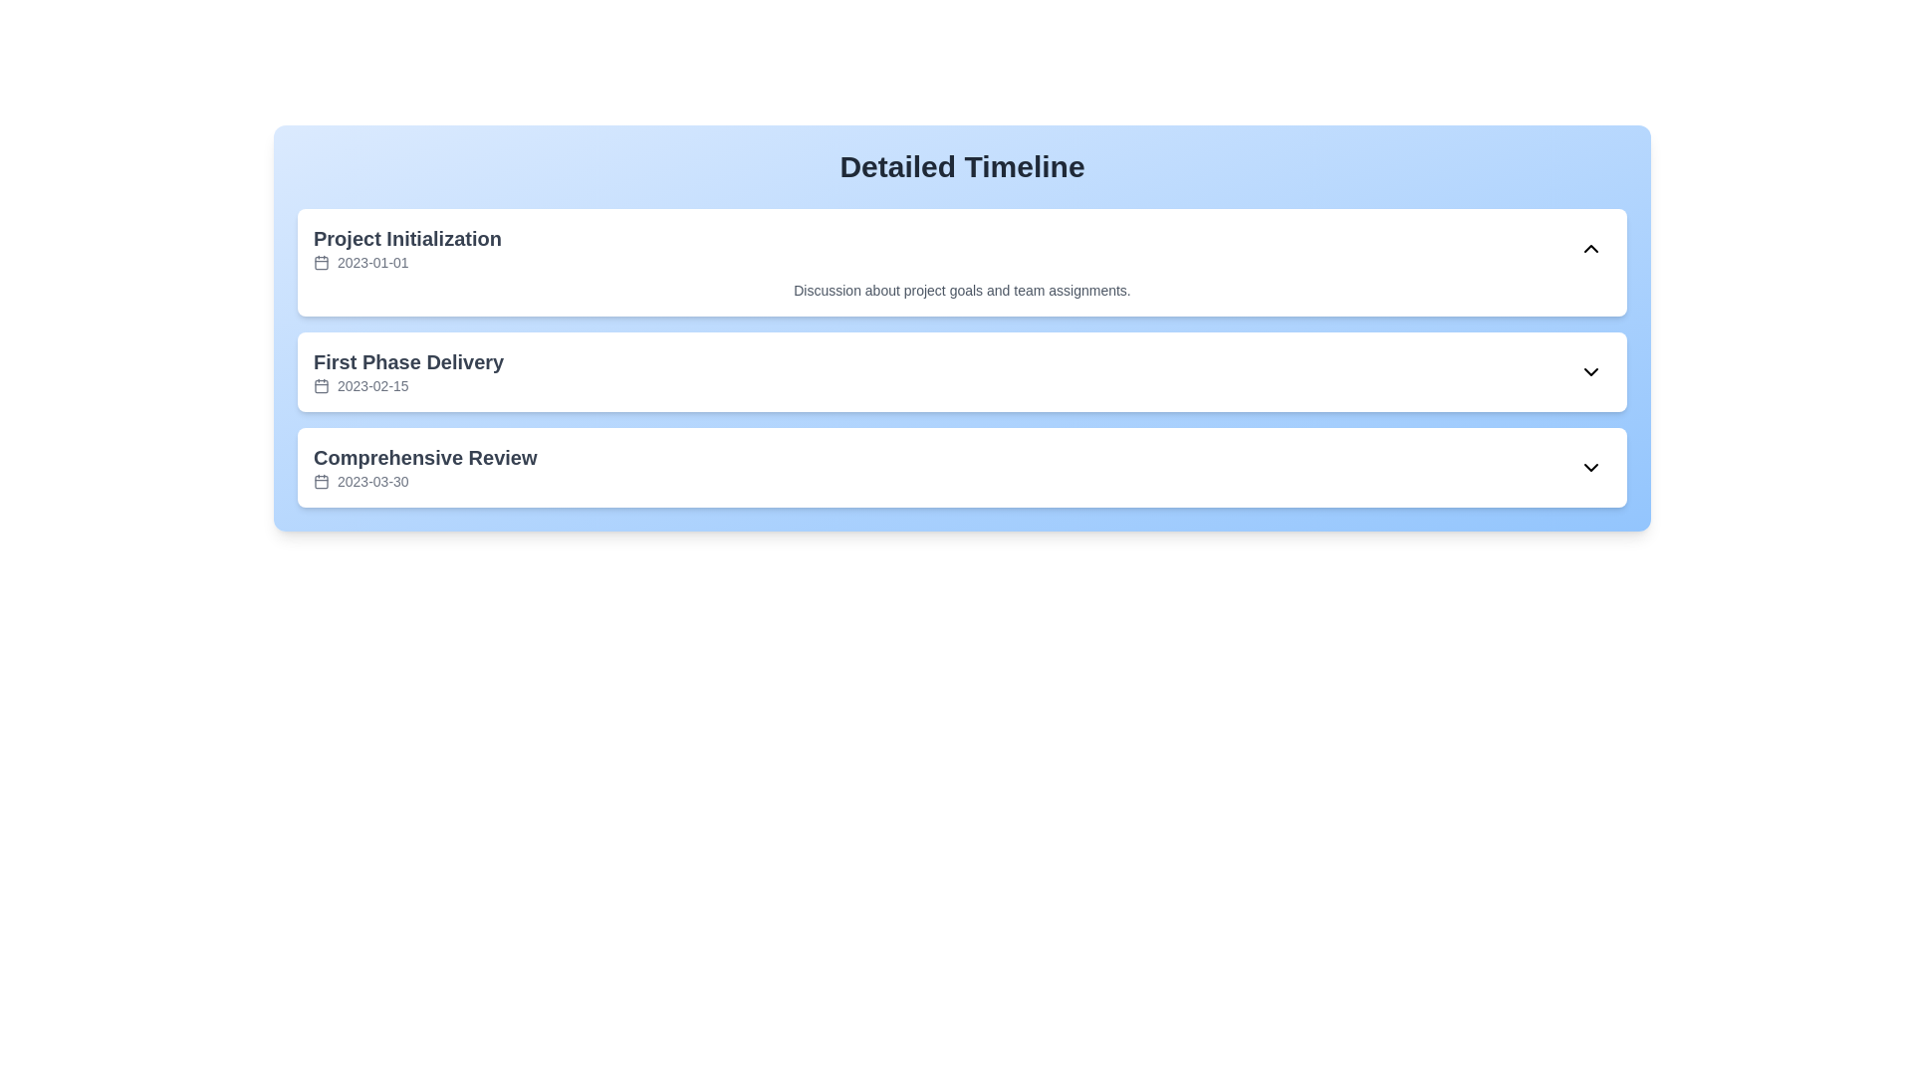 This screenshot has width=1912, height=1075. What do you see at coordinates (1590, 372) in the screenshot?
I see `the downward chevron icon button` at bounding box center [1590, 372].